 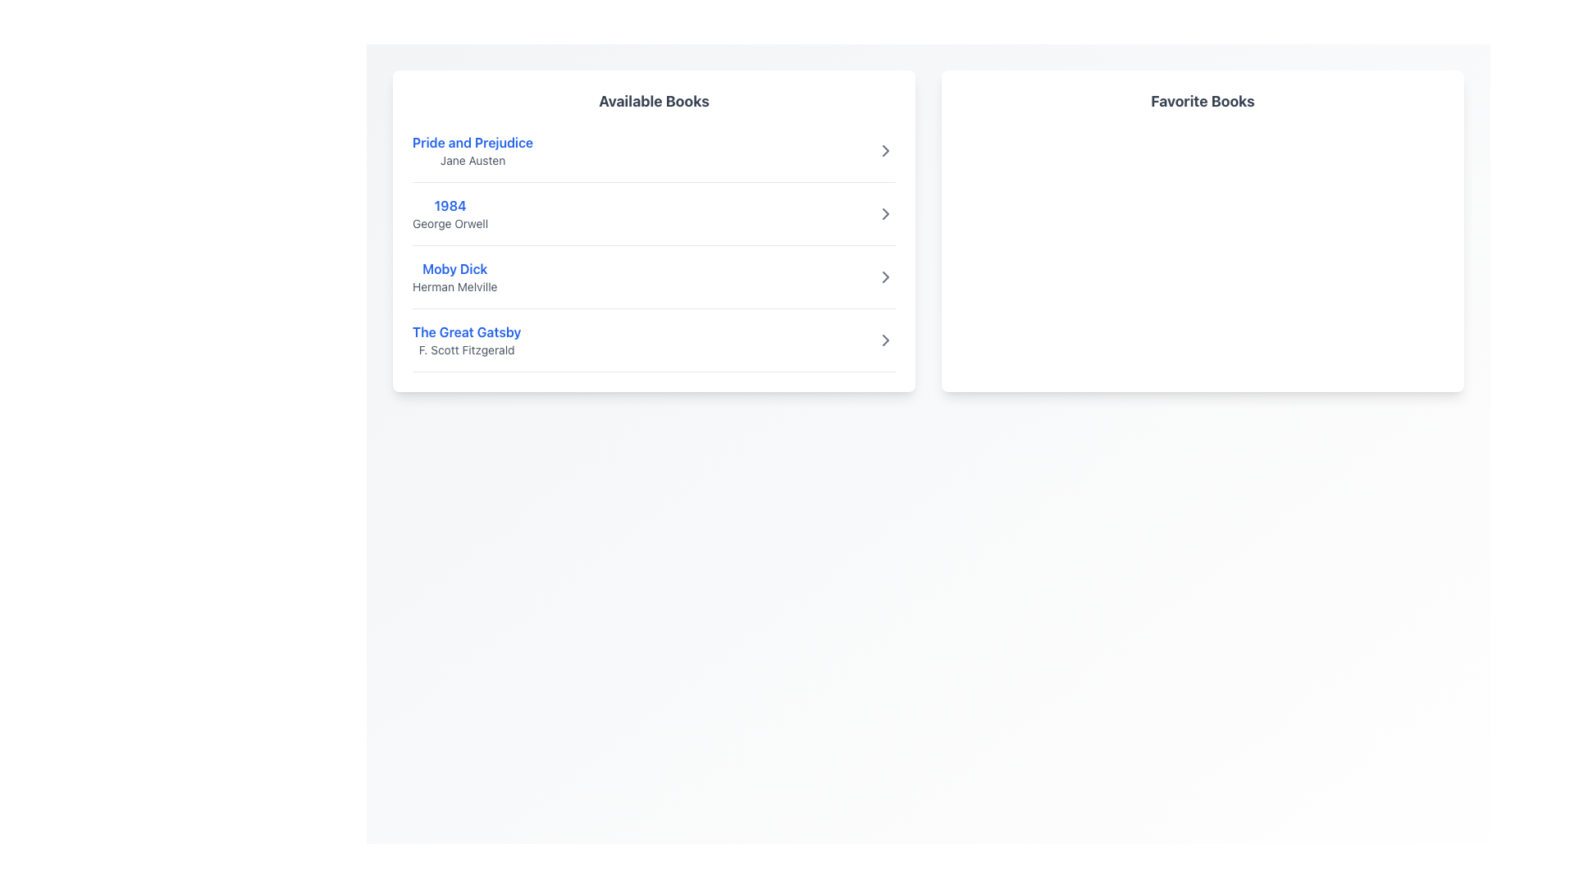 I want to click on the Chevron Icon located at the far right of the list item containing the book title '1984' by George Orwell in the 'Available Books' section, so click(x=885, y=213).